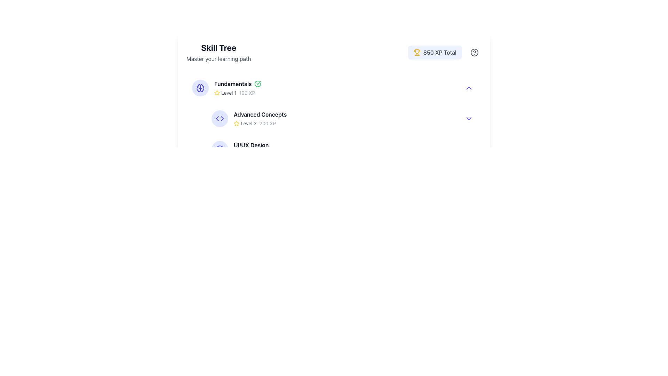  What do you see at coordinates (200, 88) in the screenshot?
I see `the brain-shaped outline icon in vivid indigo color located at the top-left corner of the 'Fundamentals' section, which is within a circular background and has the label 'Fundamentals' to its right` at bounding box center [200, 88].